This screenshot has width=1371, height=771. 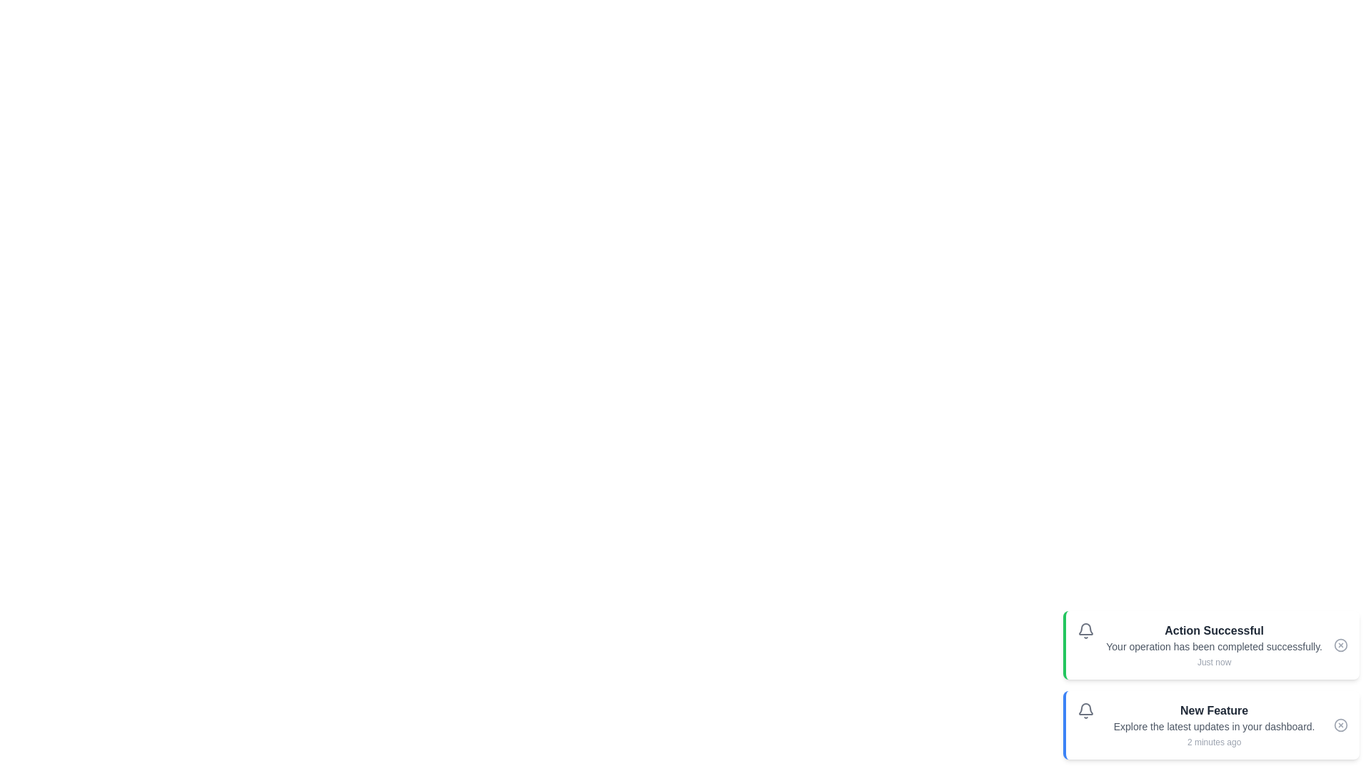 I want to click on the dismiss button of the second notification item located at the bottom right of the interface, so click(x=1340, y=725).